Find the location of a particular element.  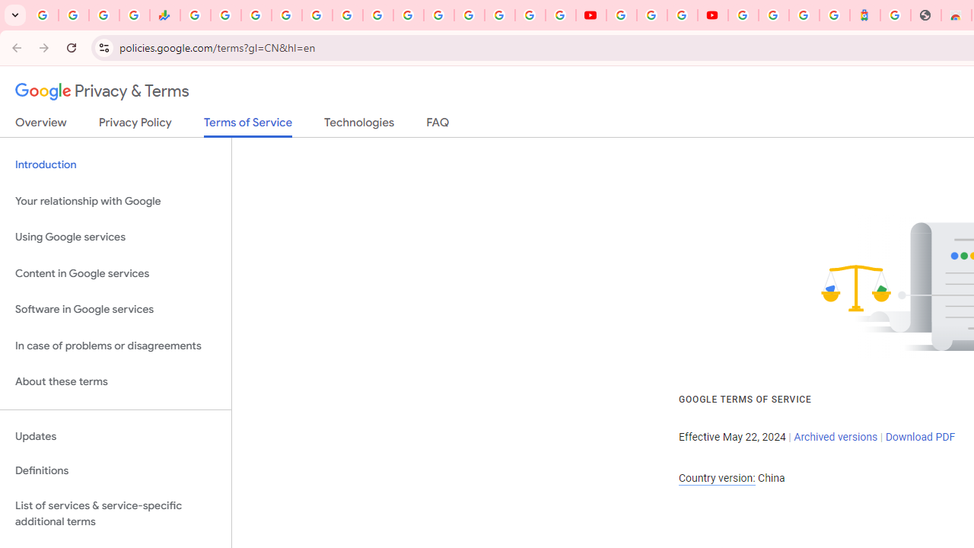

'YouTube' is located at coordinates (622, 15).